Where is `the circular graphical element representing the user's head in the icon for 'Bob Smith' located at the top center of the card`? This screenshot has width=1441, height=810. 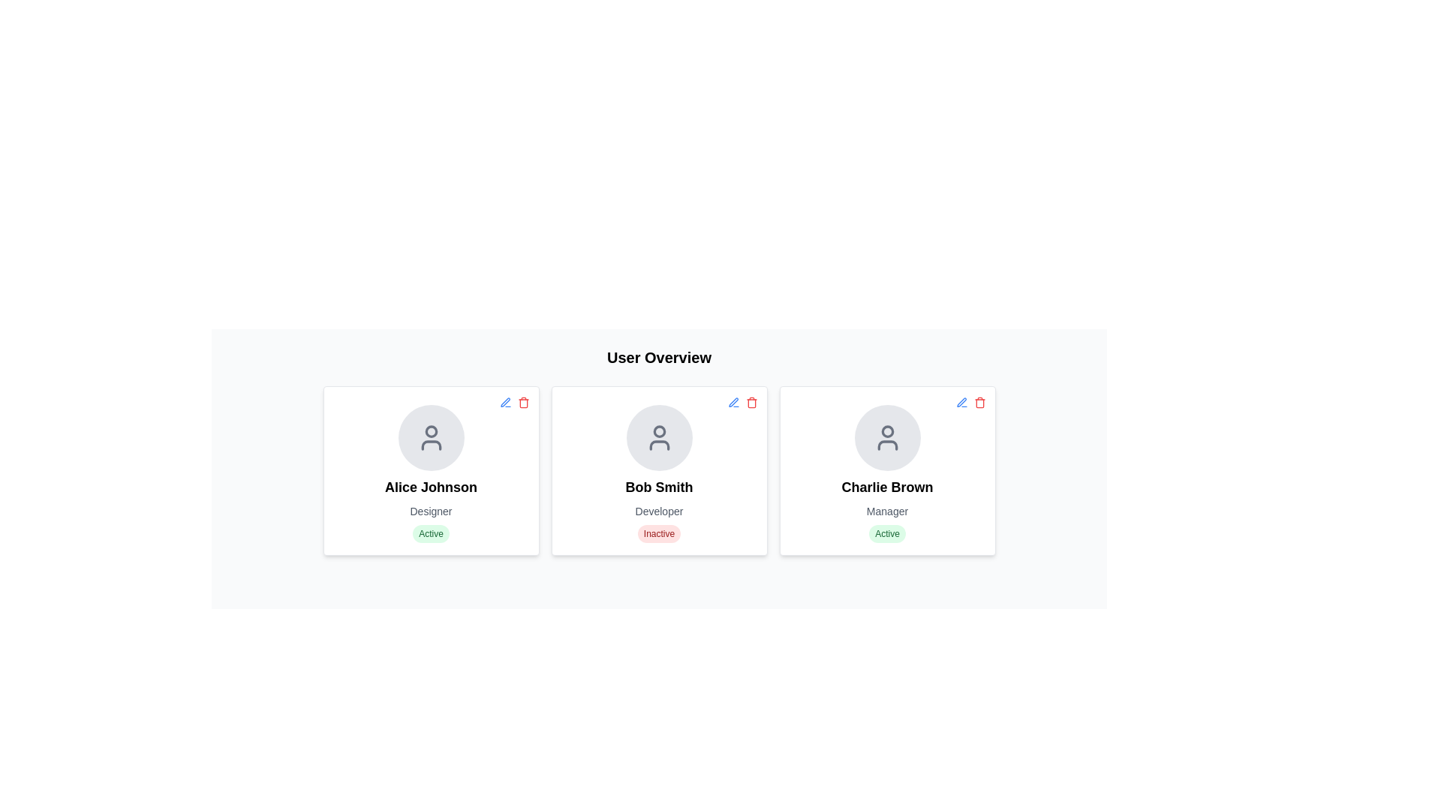 the circular graphical element representing the user's head in the icon for 'Bob Smith' located at the top center of the card is located at coordinates (659, 431).